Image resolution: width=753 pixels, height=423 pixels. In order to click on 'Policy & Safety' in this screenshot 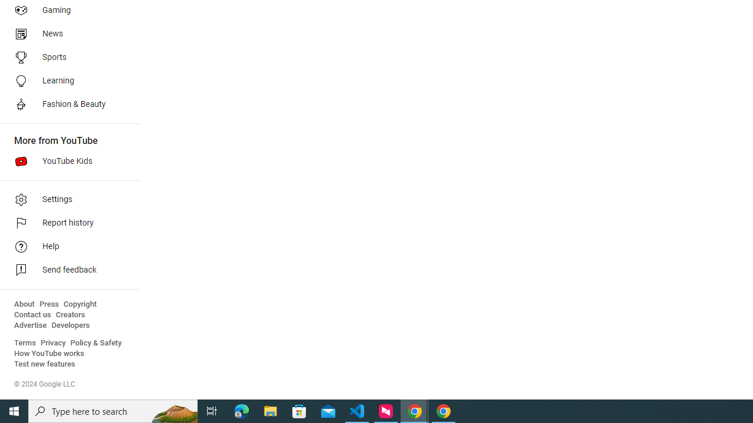, I will do `click(96, 343)`.